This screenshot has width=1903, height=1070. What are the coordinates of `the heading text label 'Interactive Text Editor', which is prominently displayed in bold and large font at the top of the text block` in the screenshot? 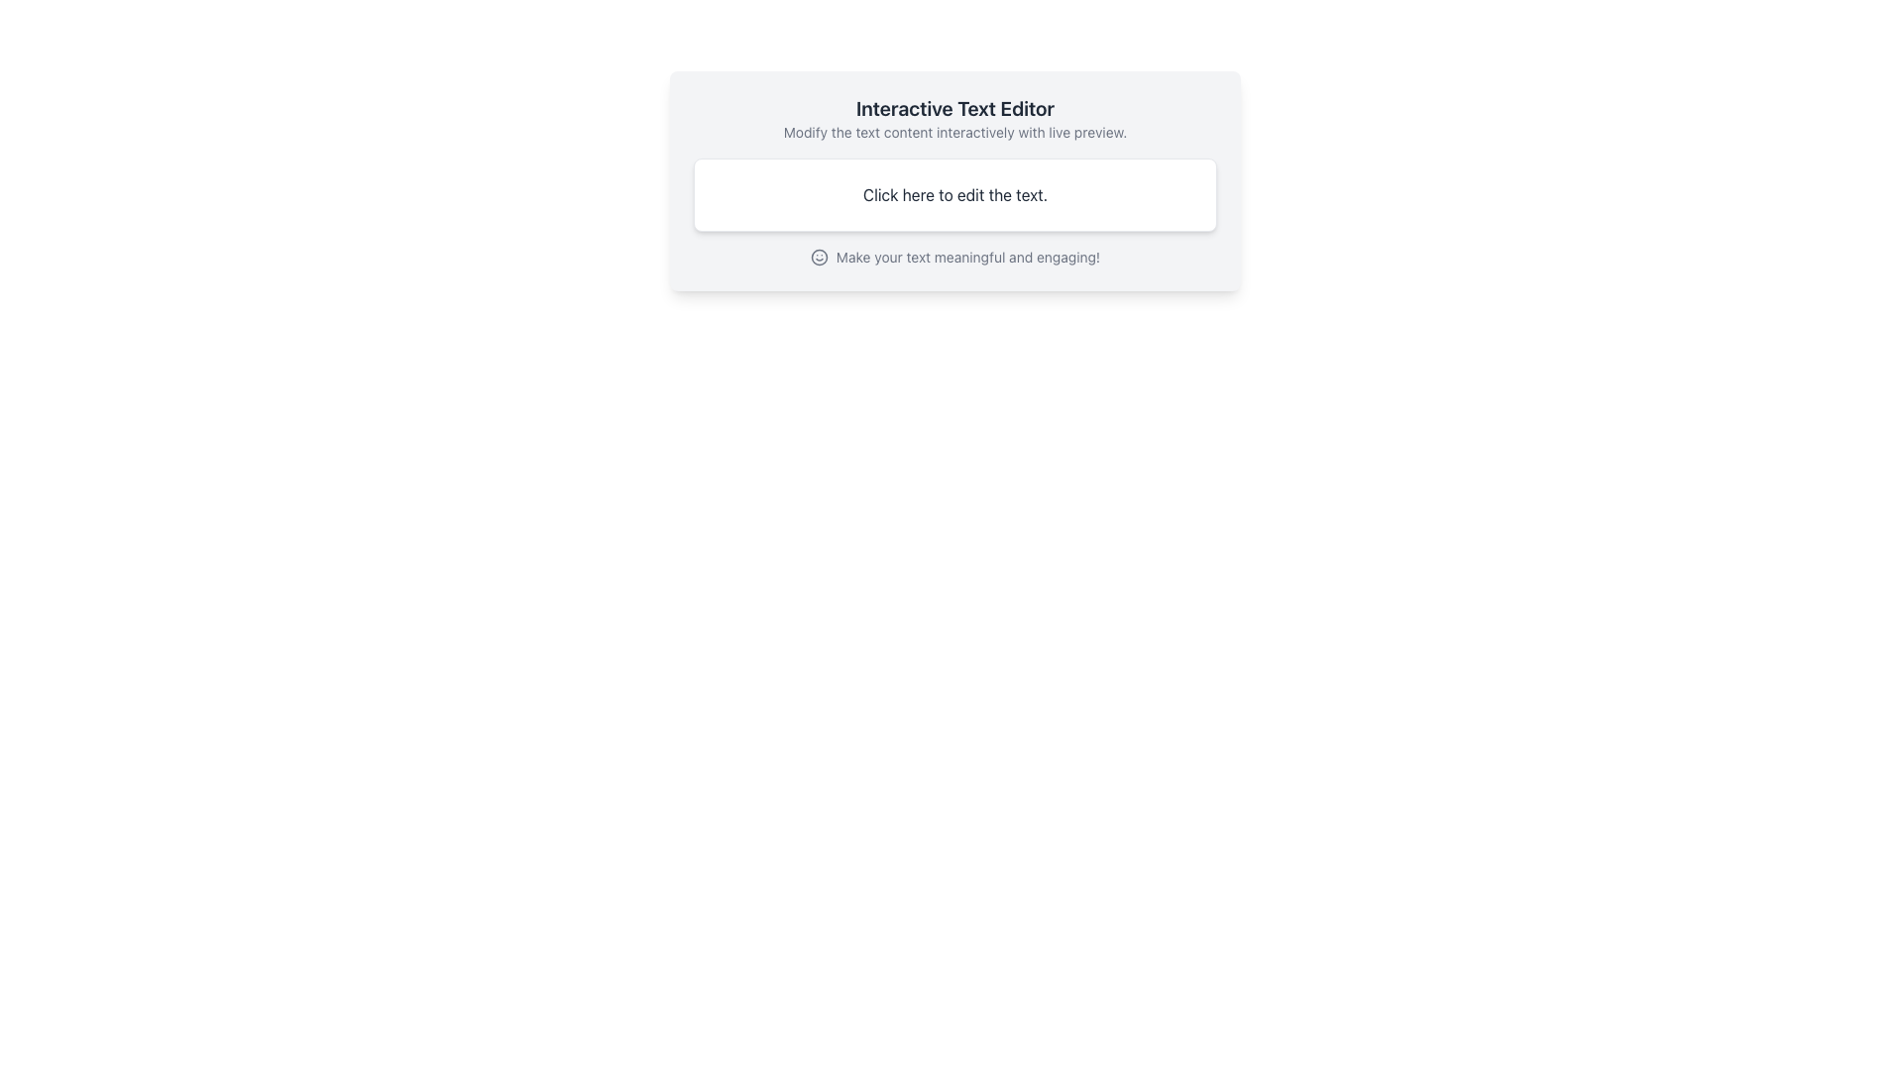 It's located at (955, 109).